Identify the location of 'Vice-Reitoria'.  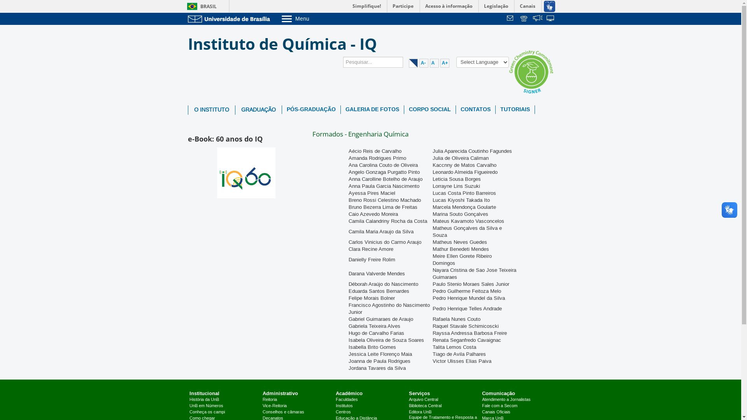
(263, 406).